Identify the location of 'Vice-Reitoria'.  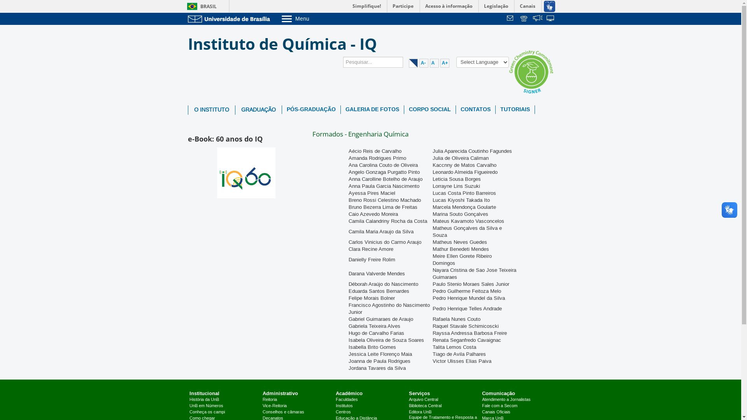
(263, 406).